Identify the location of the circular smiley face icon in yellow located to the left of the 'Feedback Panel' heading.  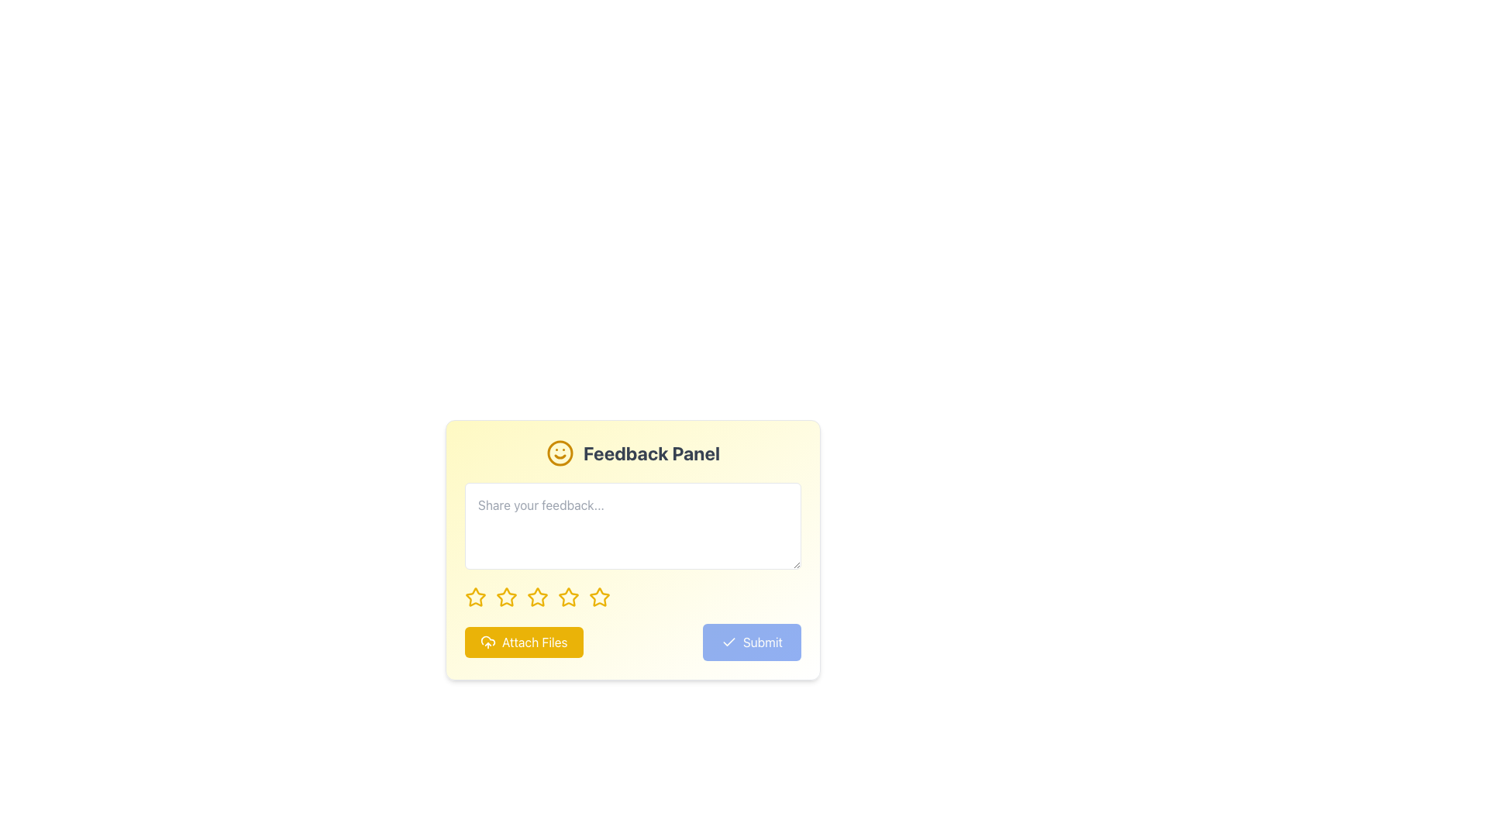
(559, 453).